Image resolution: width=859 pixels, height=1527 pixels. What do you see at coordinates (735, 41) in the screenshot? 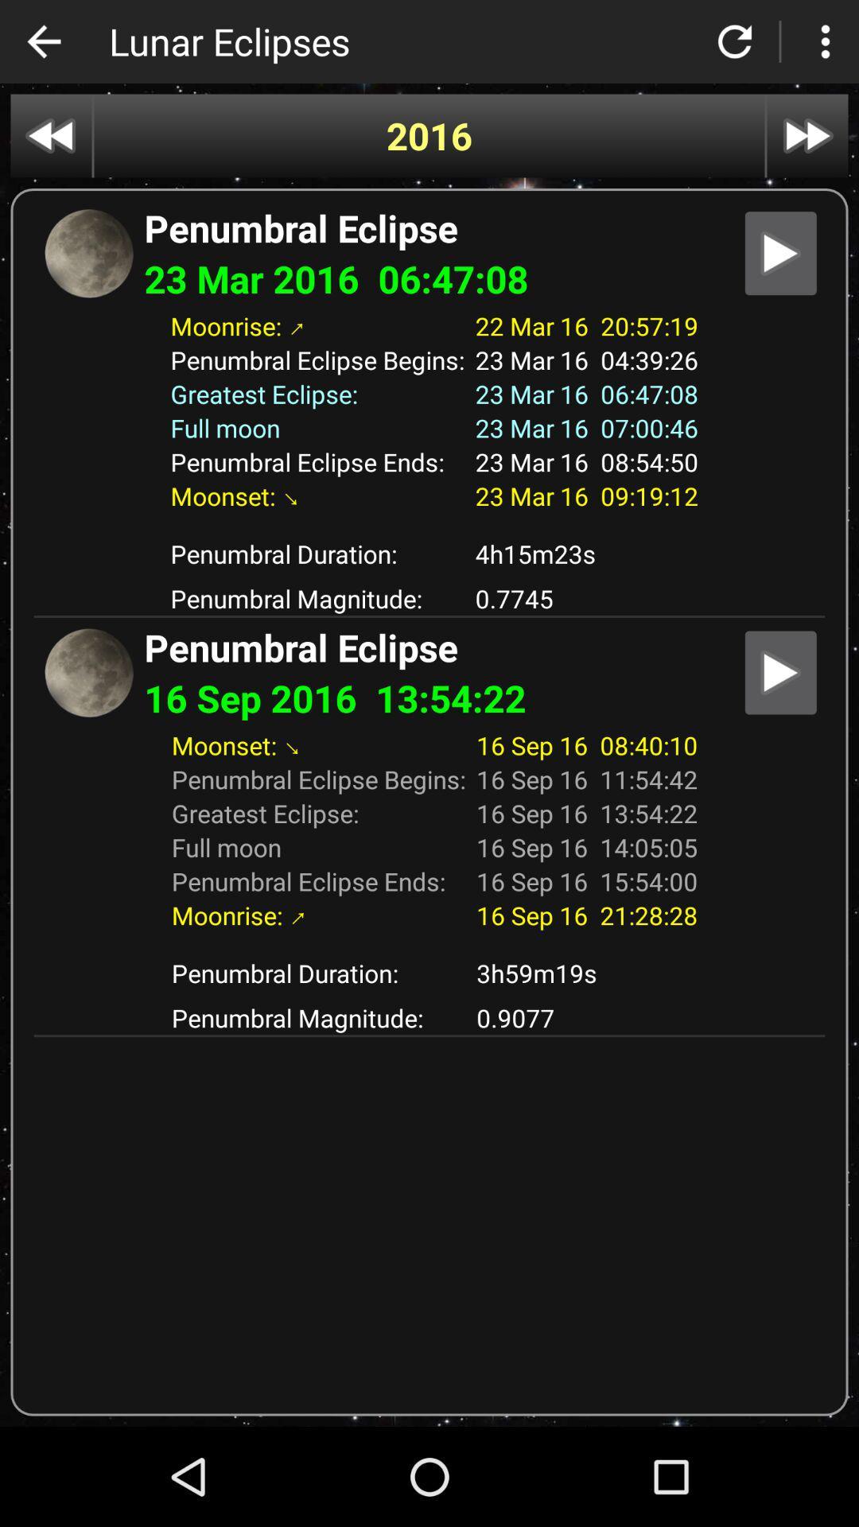
I see `reload option` at bounding box center [735, 41].